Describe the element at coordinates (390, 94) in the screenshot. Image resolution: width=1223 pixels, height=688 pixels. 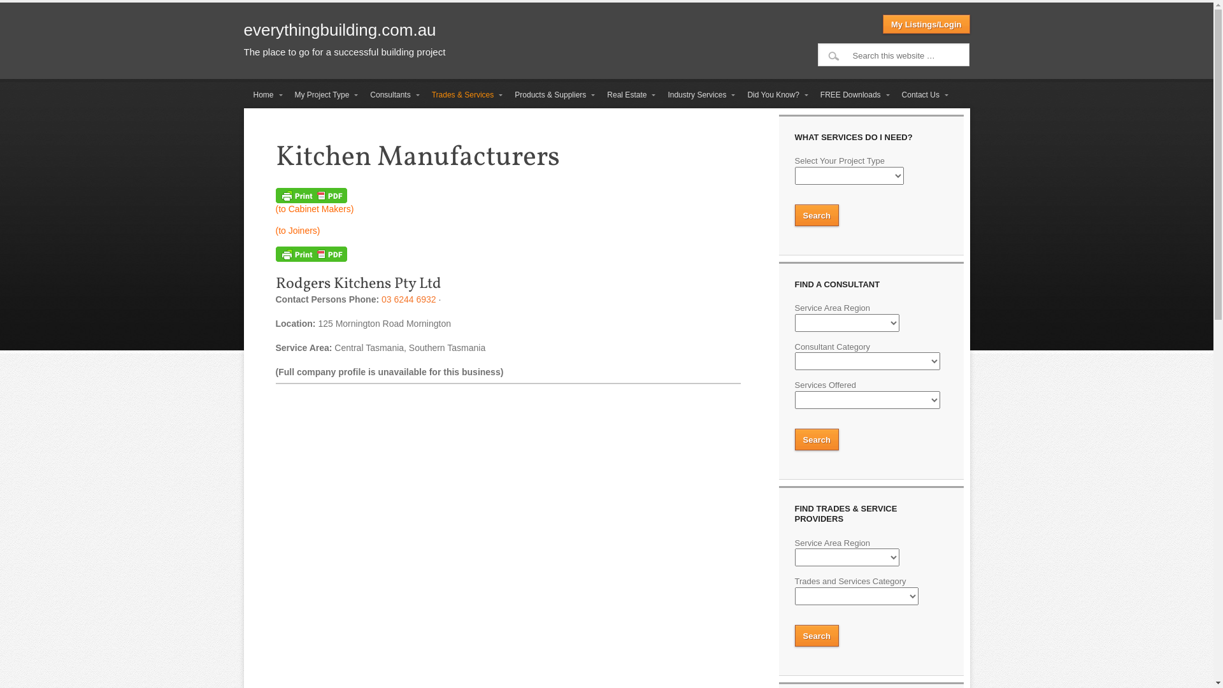
I see `'Consultants'` at that location.